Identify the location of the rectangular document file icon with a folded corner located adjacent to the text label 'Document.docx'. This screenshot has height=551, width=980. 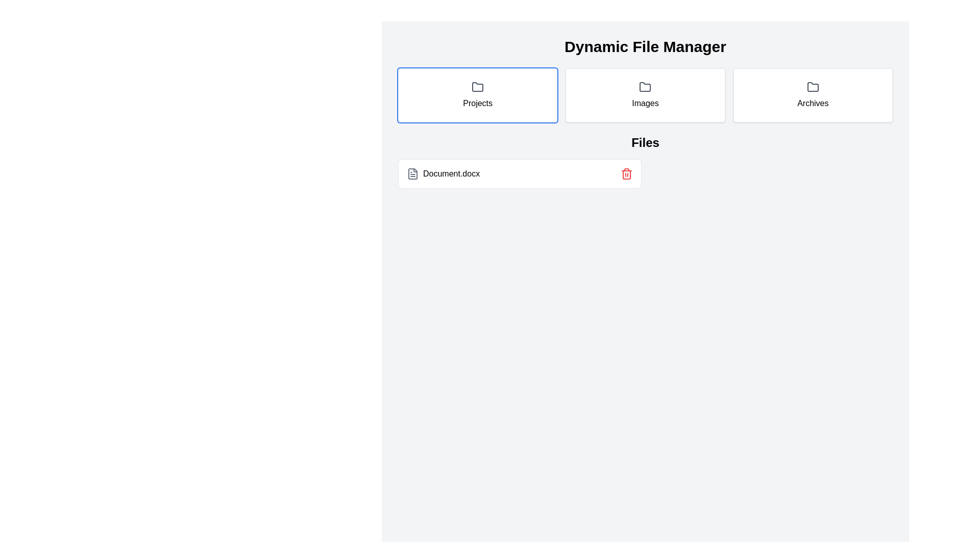
(413, 173).